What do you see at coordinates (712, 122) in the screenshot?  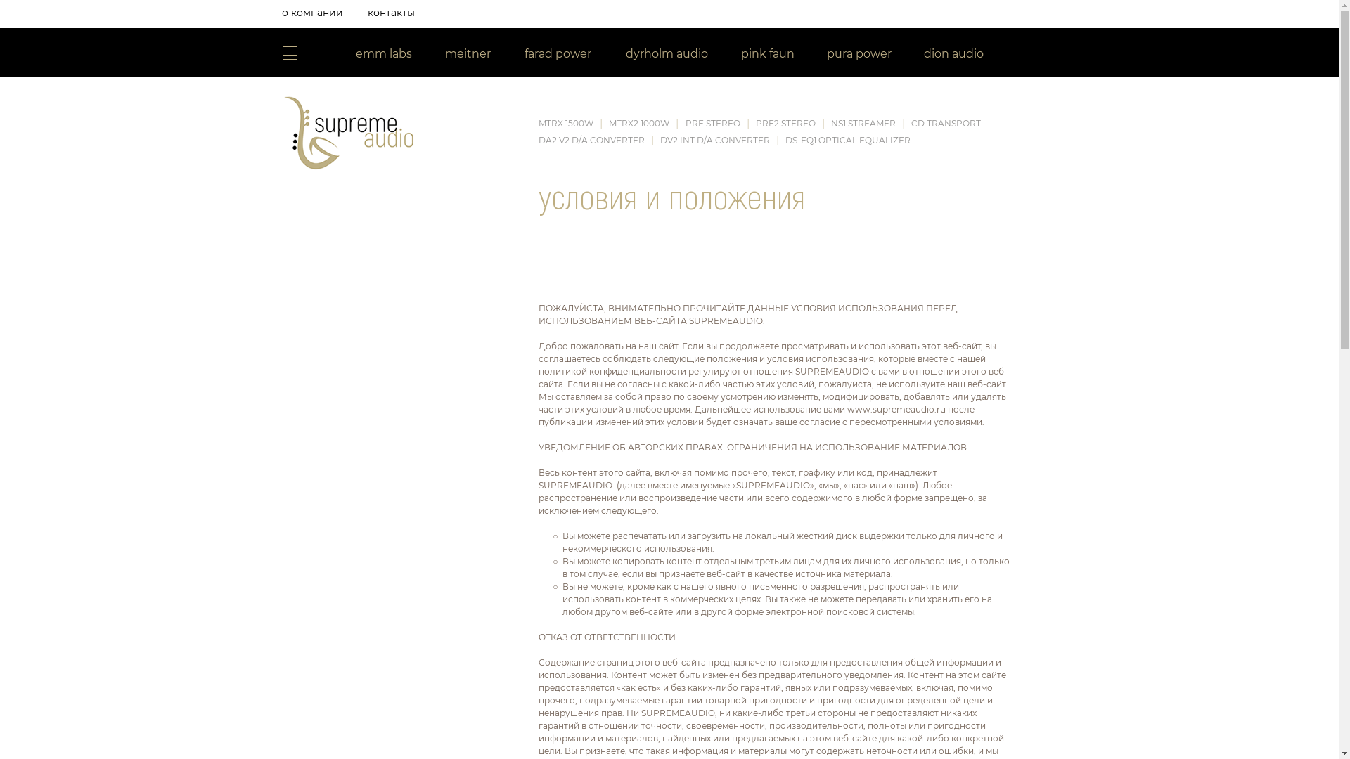 I see `'PRE STEREO'` at bounding box center [712, 122].